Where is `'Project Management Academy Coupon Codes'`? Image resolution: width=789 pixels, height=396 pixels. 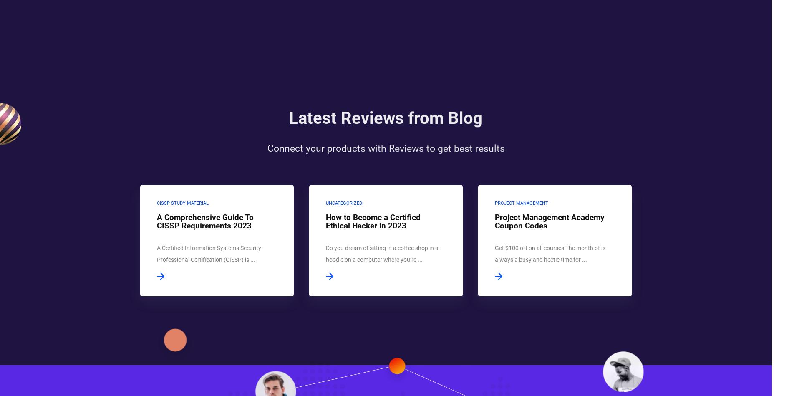 'Project Management Academy Coupon Codes' is located at coordinates (549, 221).